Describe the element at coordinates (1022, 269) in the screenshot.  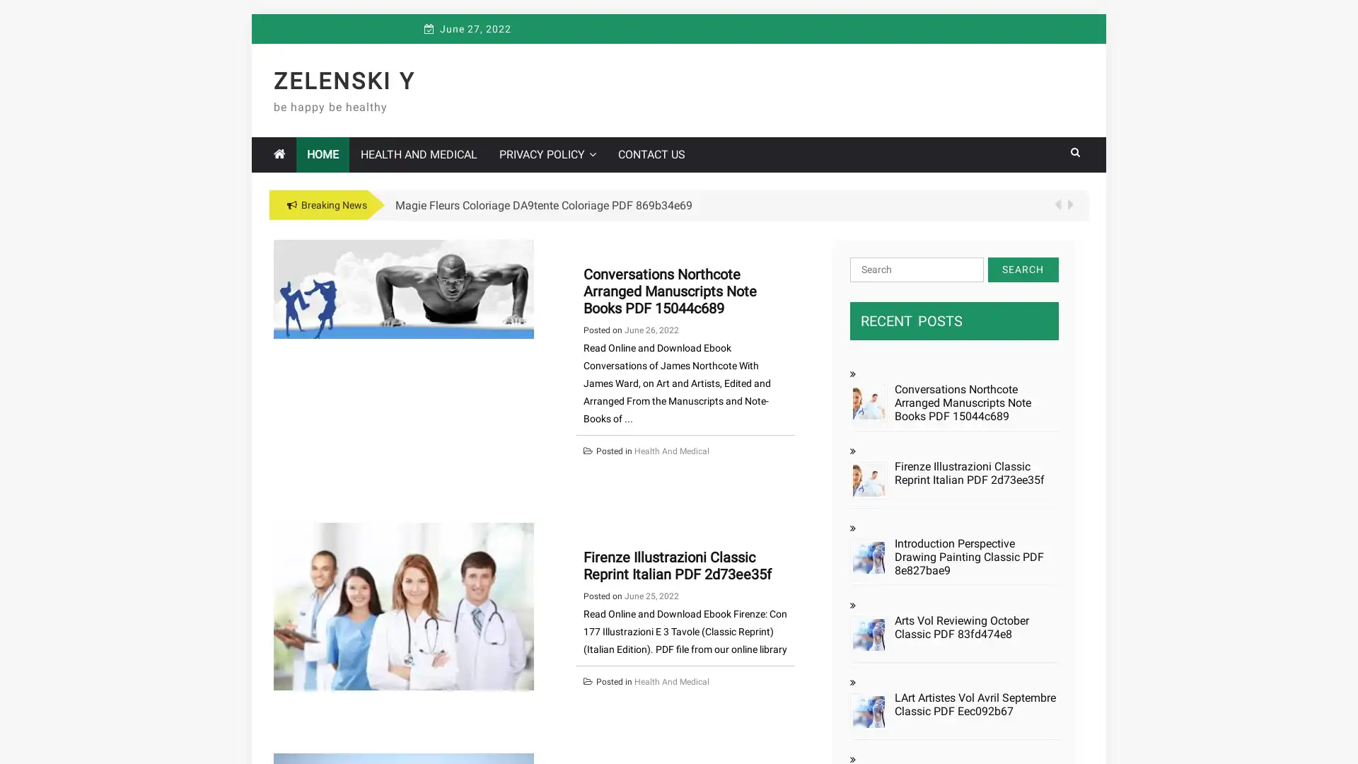
I see `Search` at that location.